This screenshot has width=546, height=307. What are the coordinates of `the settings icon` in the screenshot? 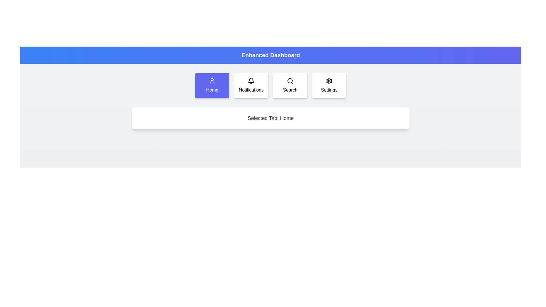 It's located at (329, 81).